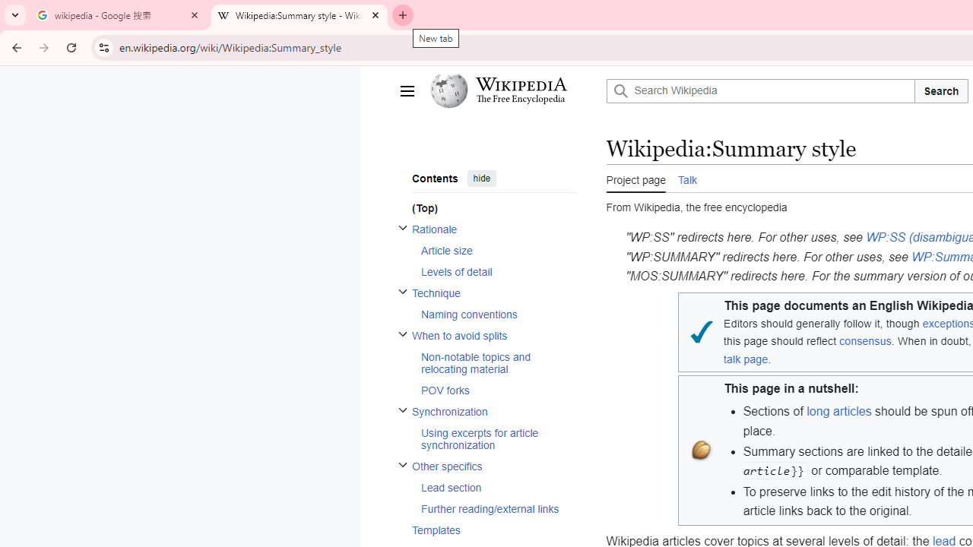 The width and height of the screenshot is (973, 547). What do you see at coordinates (300, 15) in the screenshot?
I see `'Wikipedia:Summary style - Wikipedia'` at bounding box center [300, 15].